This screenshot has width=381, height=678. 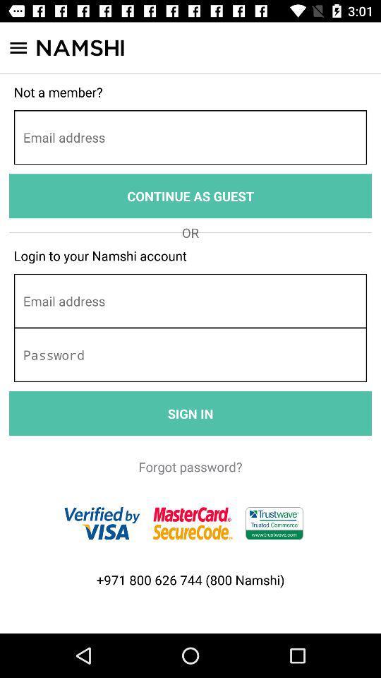 What do you see at coordinates (190, 467) in the screenshot?
I see `forgot password?` at bounding box center [190, 467].